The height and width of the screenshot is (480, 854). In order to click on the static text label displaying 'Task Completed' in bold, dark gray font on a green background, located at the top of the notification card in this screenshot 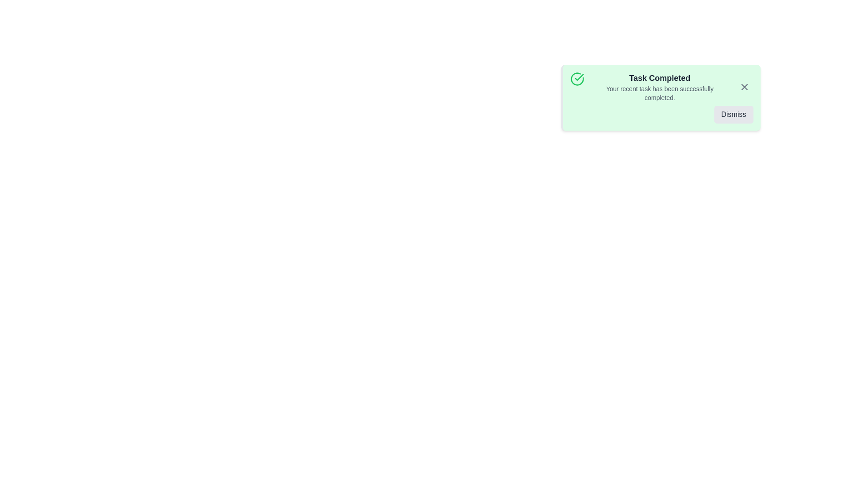, I will do `click(660, 78)`.